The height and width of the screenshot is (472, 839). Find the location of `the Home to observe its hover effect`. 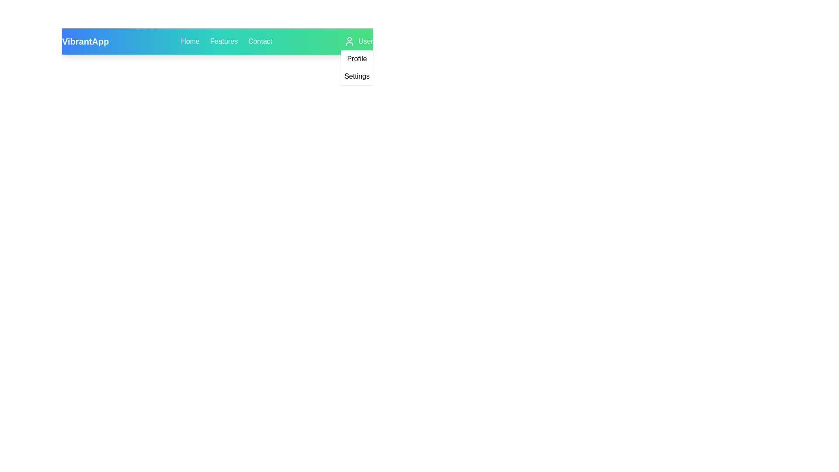

the Home to observe its hover effect is located at coordinates (190, 42).